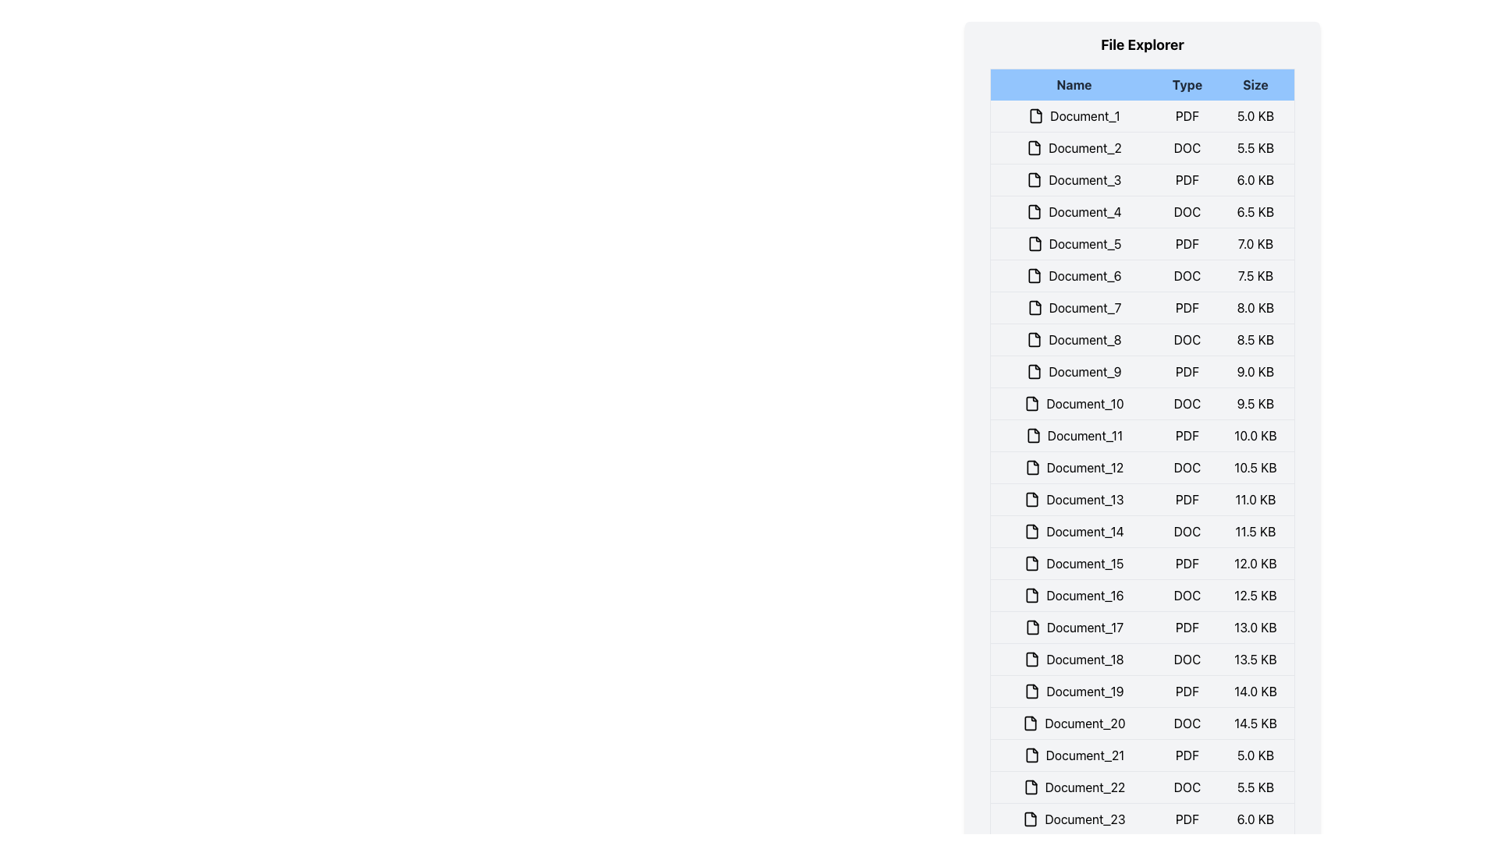 The width and height of the screenshot is (1498, 842). What do you see at coordinates (1032, 563) in the screenshot?
I see `the small file icon that indicates documents, which is located to the immediate left of the text label 'Document_15' in the file explorer layout` at bounding box center [1032, 563].